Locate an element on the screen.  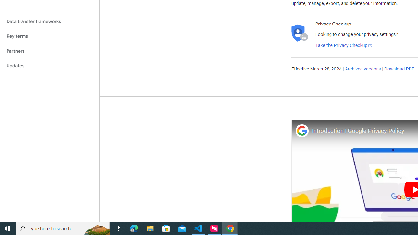
'Photo image of Google' is located at coordinates (301, 131).